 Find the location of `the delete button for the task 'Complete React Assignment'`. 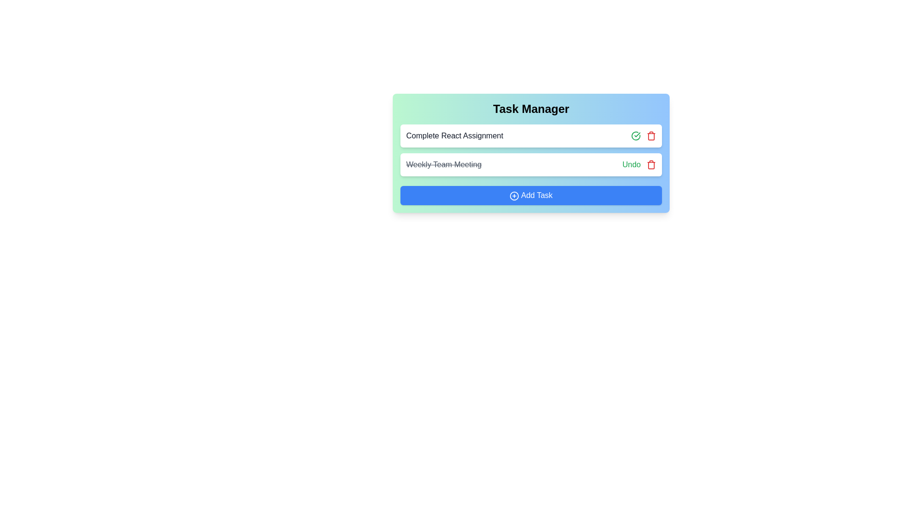

the delete button for the task 'Complete React Assignment' is located at coordinates (651, 136).